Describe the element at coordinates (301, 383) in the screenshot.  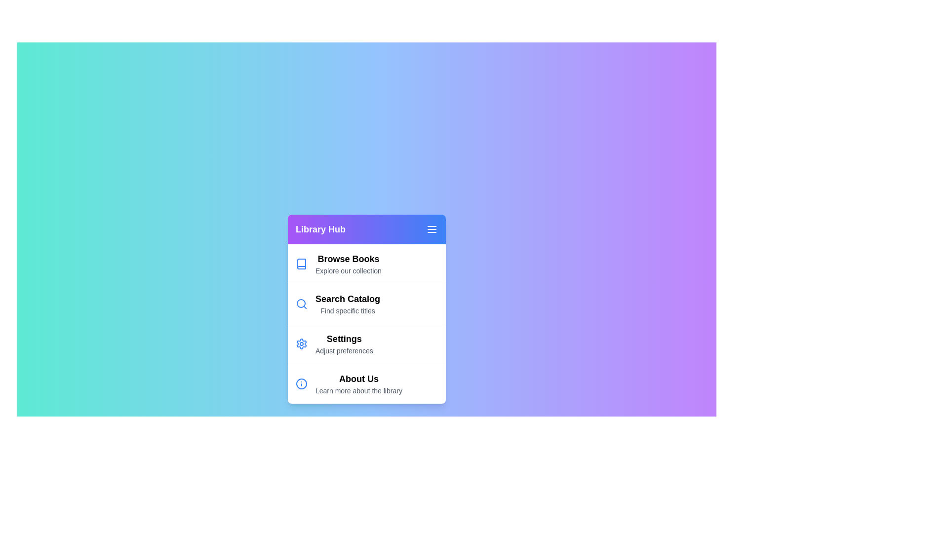
I see `the icon corresponding to the menu item About Us` at that location.